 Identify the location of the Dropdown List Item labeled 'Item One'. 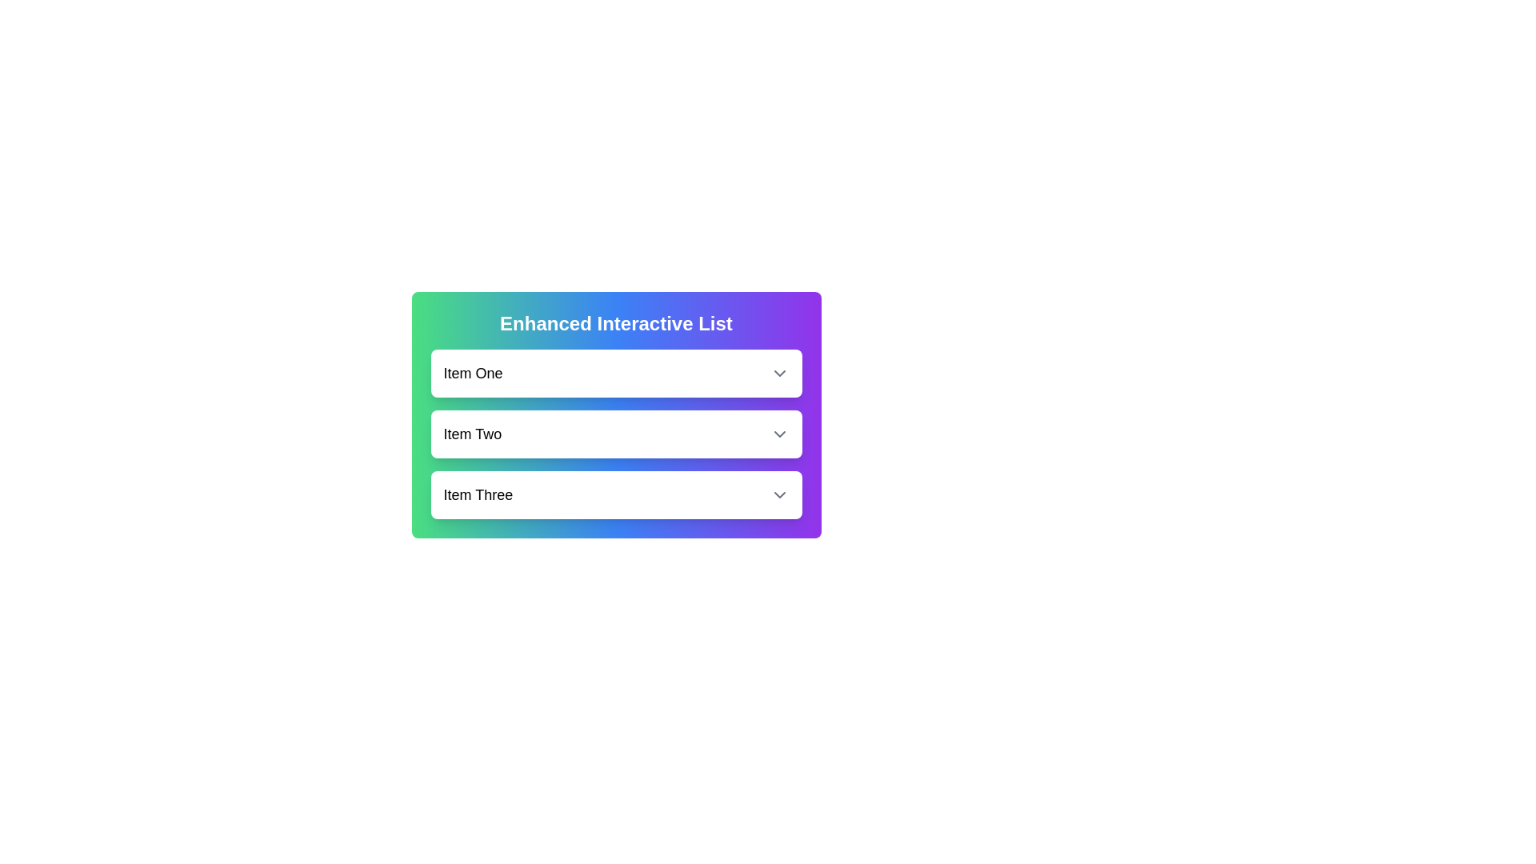
(615, 373).